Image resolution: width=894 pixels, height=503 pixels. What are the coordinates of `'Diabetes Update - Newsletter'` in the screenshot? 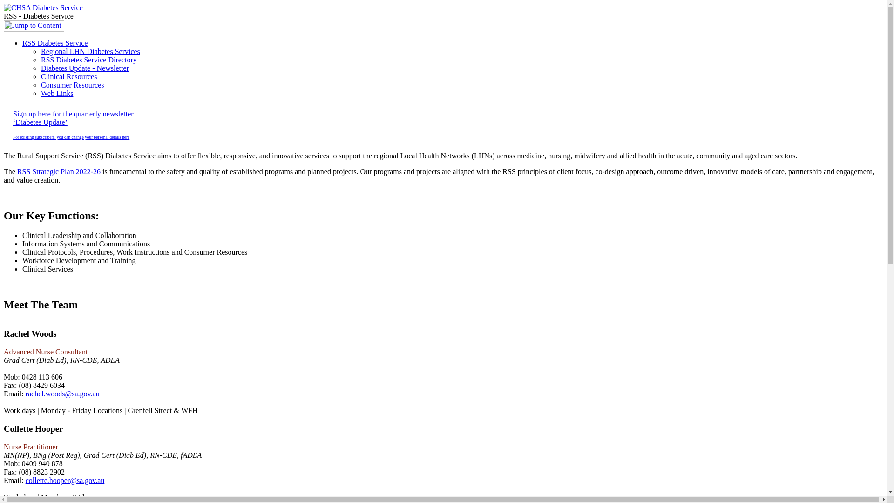 It's located at (85, 68).